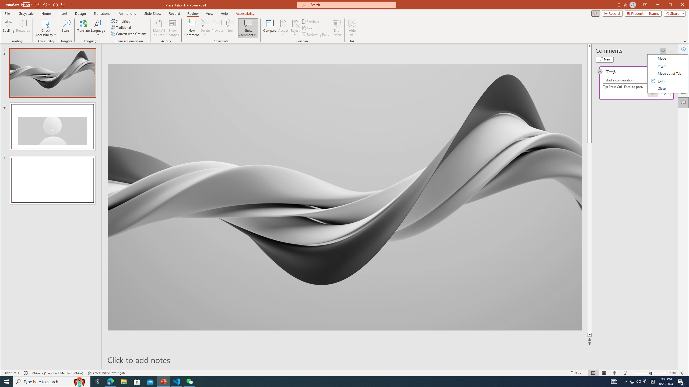 This screenshot has height=387, width=689. I want to click on 'Home', so click(46, 13).